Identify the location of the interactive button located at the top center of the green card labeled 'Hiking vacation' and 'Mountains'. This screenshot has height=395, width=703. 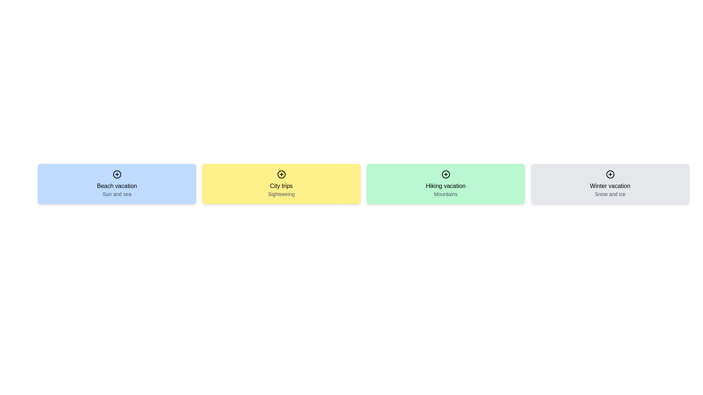
(445, 174).